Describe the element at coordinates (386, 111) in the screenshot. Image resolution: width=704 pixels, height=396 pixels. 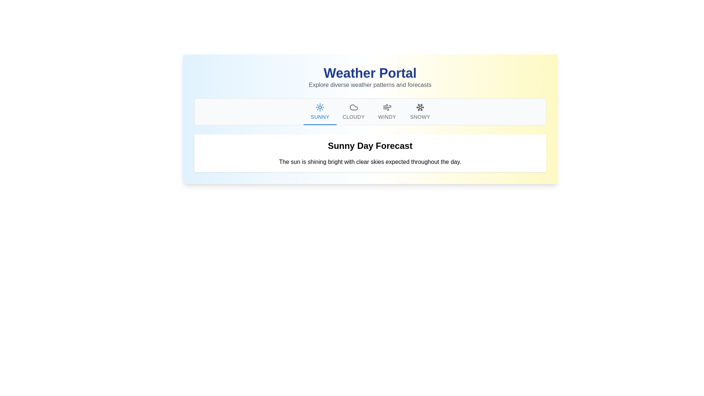
I see `the 'WINDY' tab, which is the third tab from the left, featuring bold blue text and a wind icon` at that location.